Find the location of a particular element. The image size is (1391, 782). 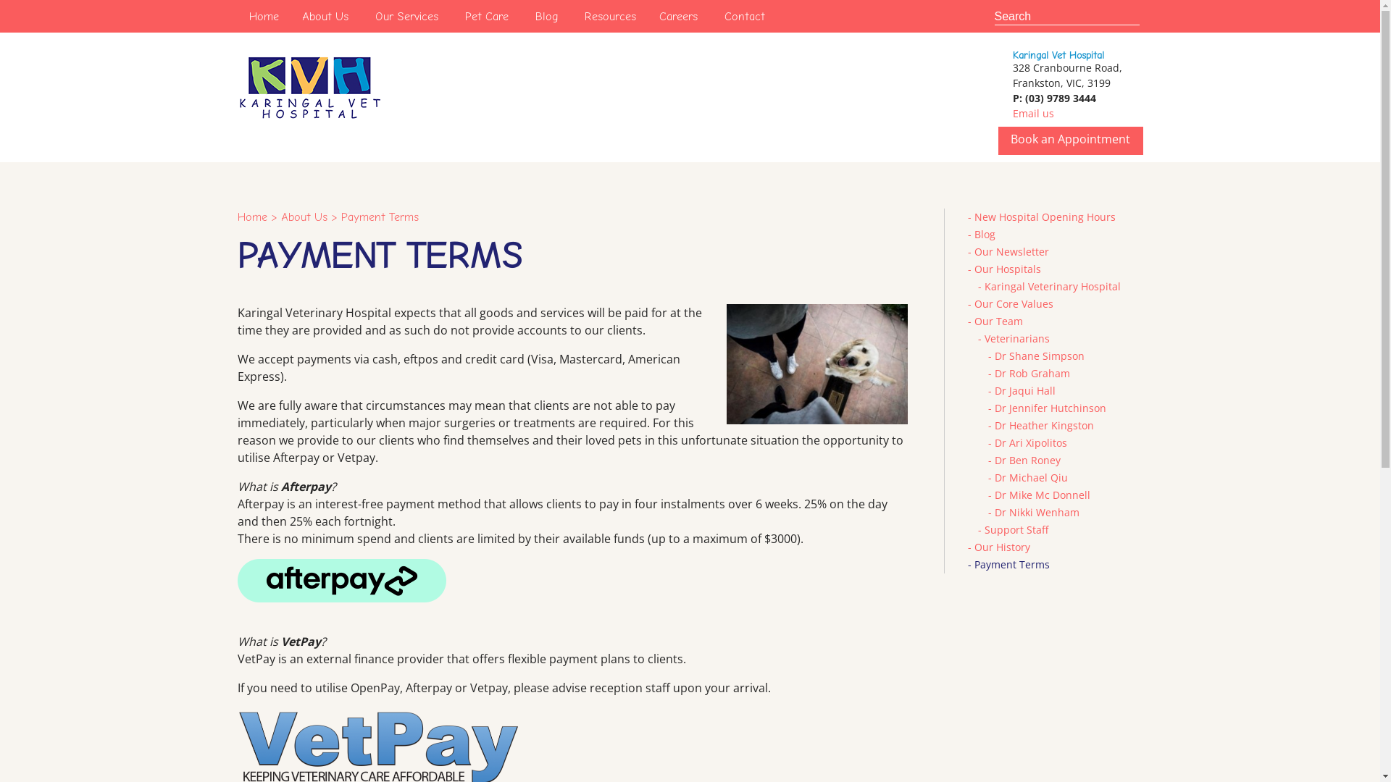

'Contact' is located at coordinates (744, 16).